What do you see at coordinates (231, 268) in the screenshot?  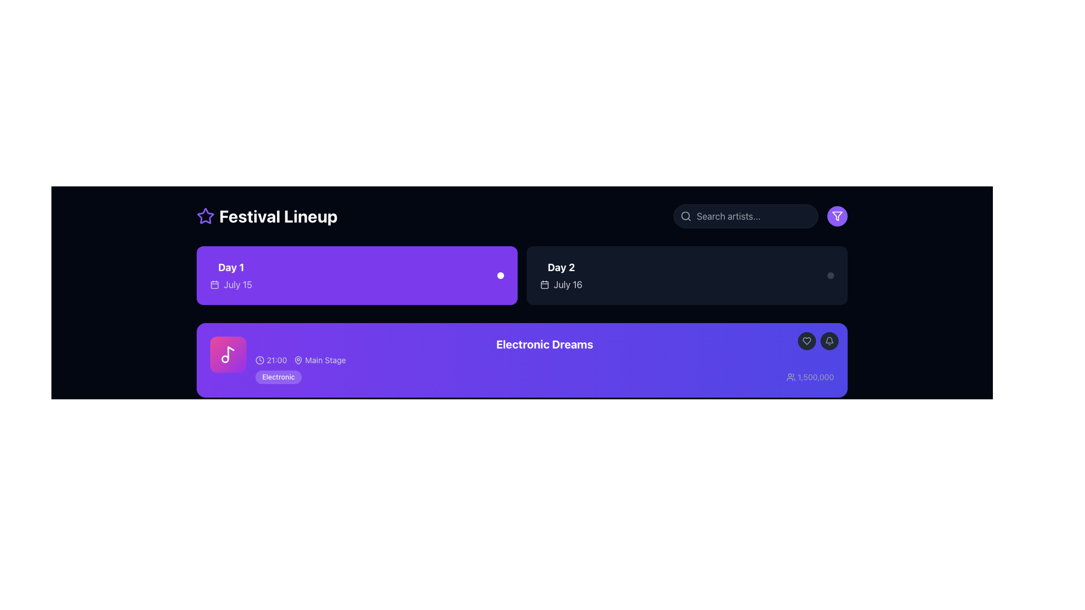 I see `the text label that reads 'Day 1' in bold white font on a purple background, located at the upper-left corner of the card interface` at bounding box center [231, 268].